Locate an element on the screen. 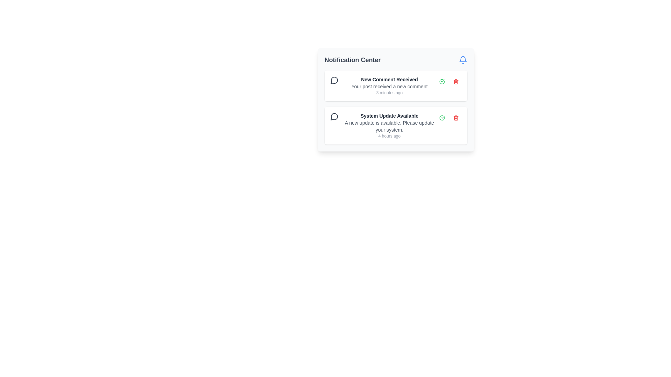  the red trash can button at the right end of the 'System Update Available' notification is located at coordinates (456, 118).